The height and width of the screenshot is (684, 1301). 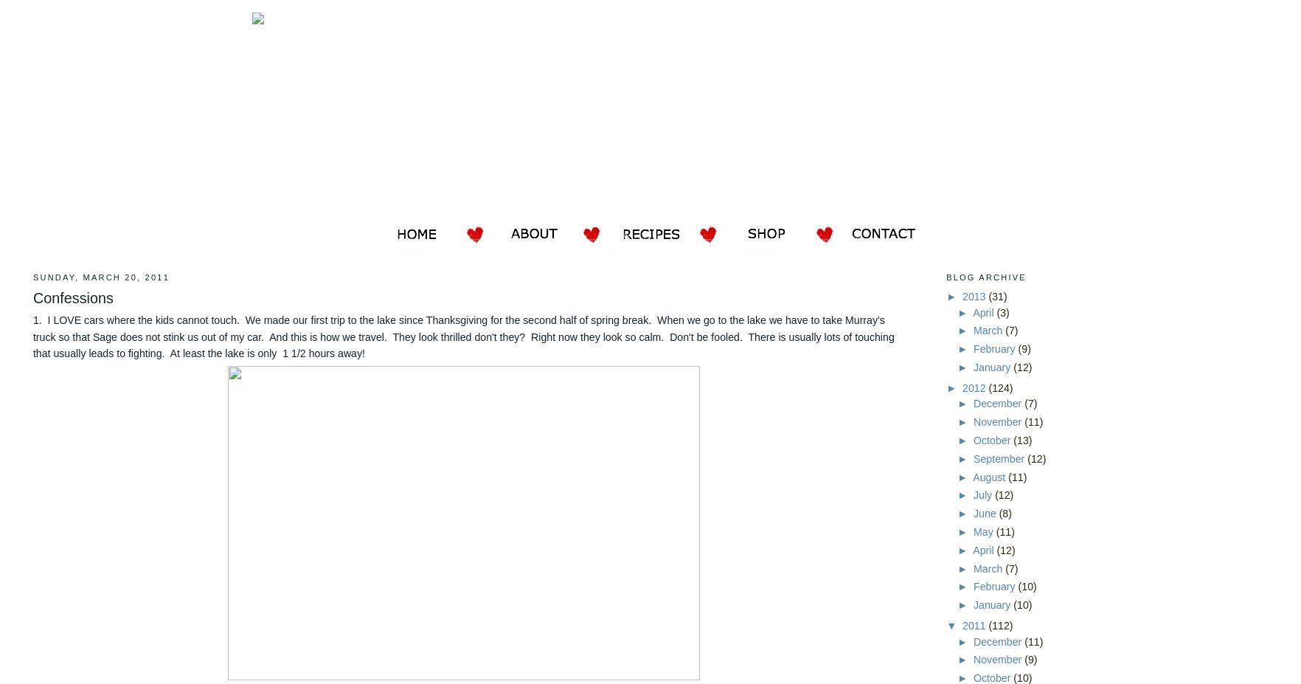 What do you see at coordinates (1000, 387) in the screenshot?
I see `'(124)'` at bounding box center [1000, 387].